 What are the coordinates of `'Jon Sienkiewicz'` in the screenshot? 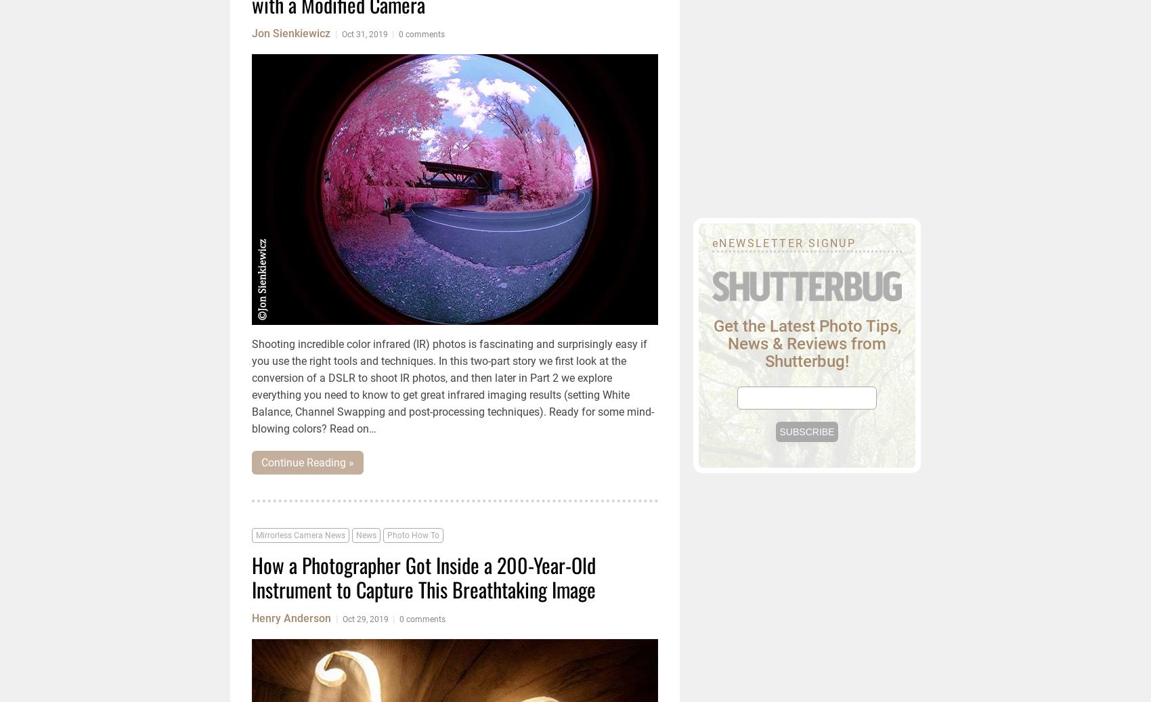 It's located at (290, 32).